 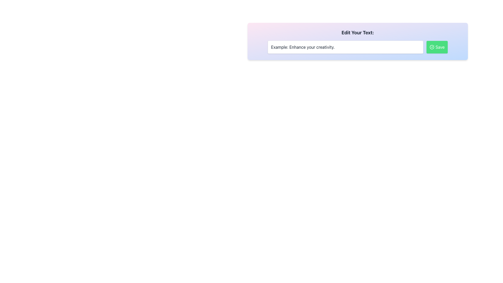 I want to click on the 'Save' button located to the right of the text input field to initiate the save action, so click(x=437, y=47).